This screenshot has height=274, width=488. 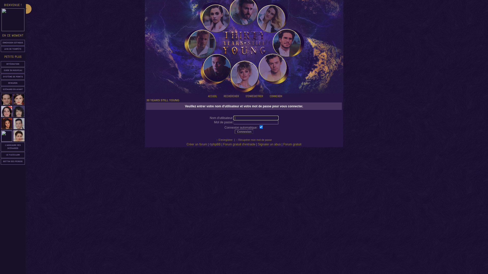 What do you see at coordinates (244, 131) in the screenshot?
I see `'Connexion'` at bounding box center [244, 131].